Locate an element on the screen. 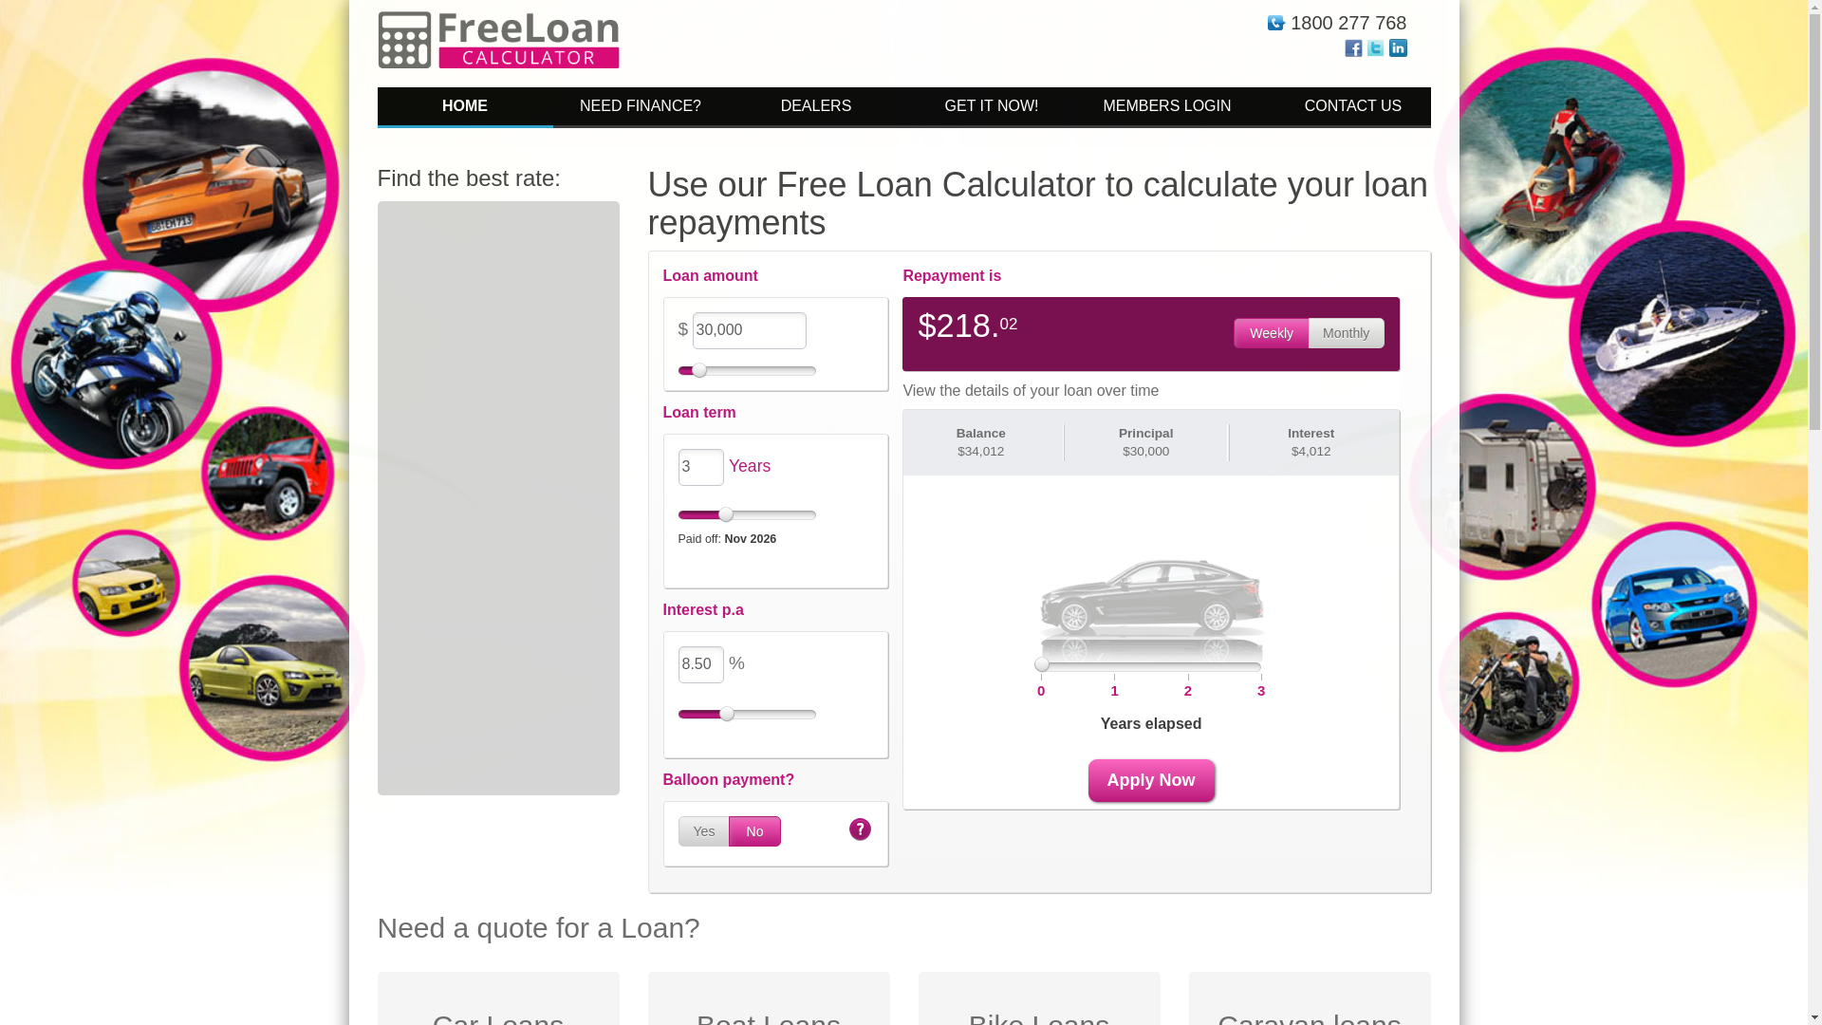 Image resolution: width=1822 pixels, height=1025 pixels. 'NEED FINANCE?' is located at coordinates (550, 107).